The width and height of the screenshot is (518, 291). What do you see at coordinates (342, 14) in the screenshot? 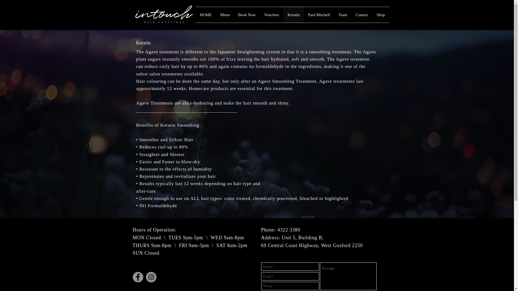
I see `'Team'` at bounding box center [342, 14].